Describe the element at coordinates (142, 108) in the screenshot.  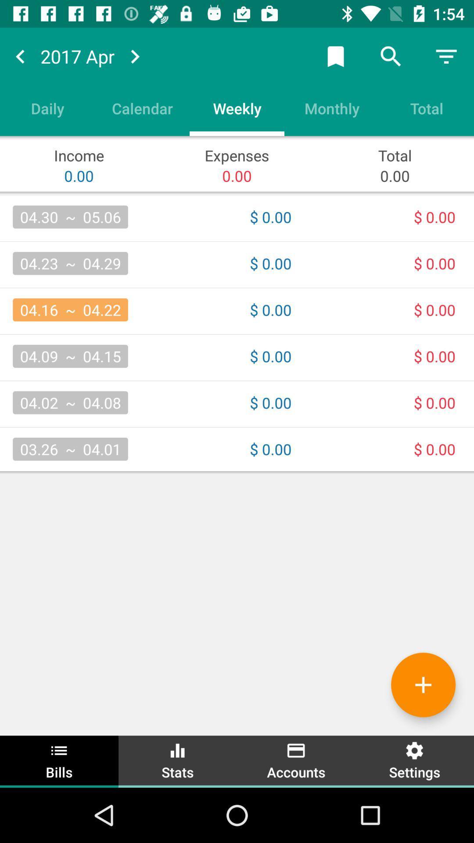
I see `the calendar icon` at that location.